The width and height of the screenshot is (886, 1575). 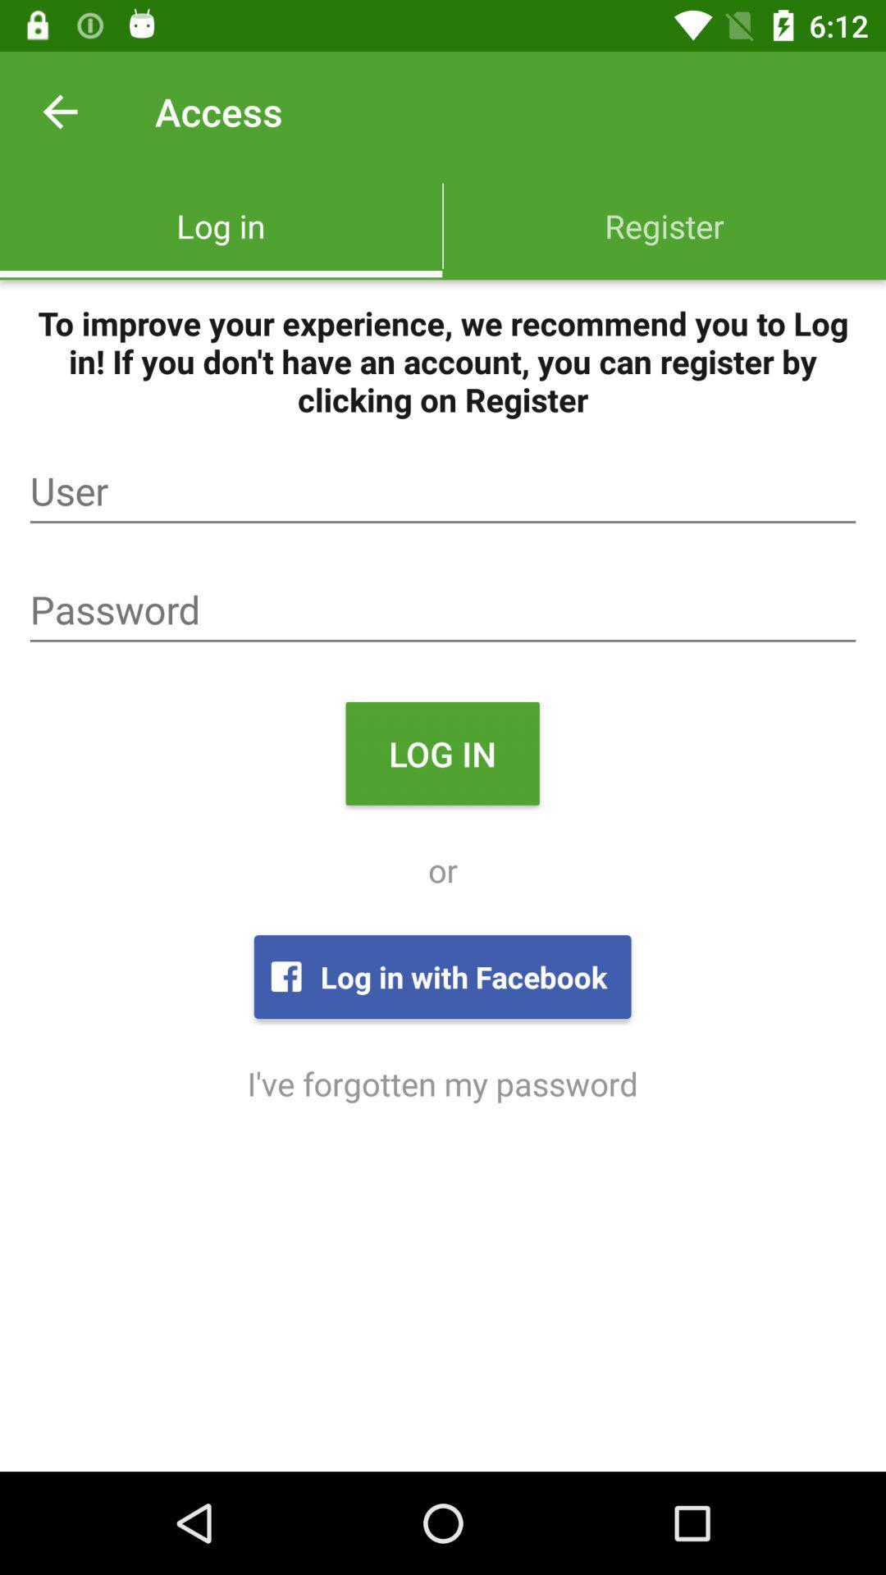 What do you see at coordinates (441, 1084) in the screenshot?
I see `i ve forgotten icon` at bounding box center [441, 1084].